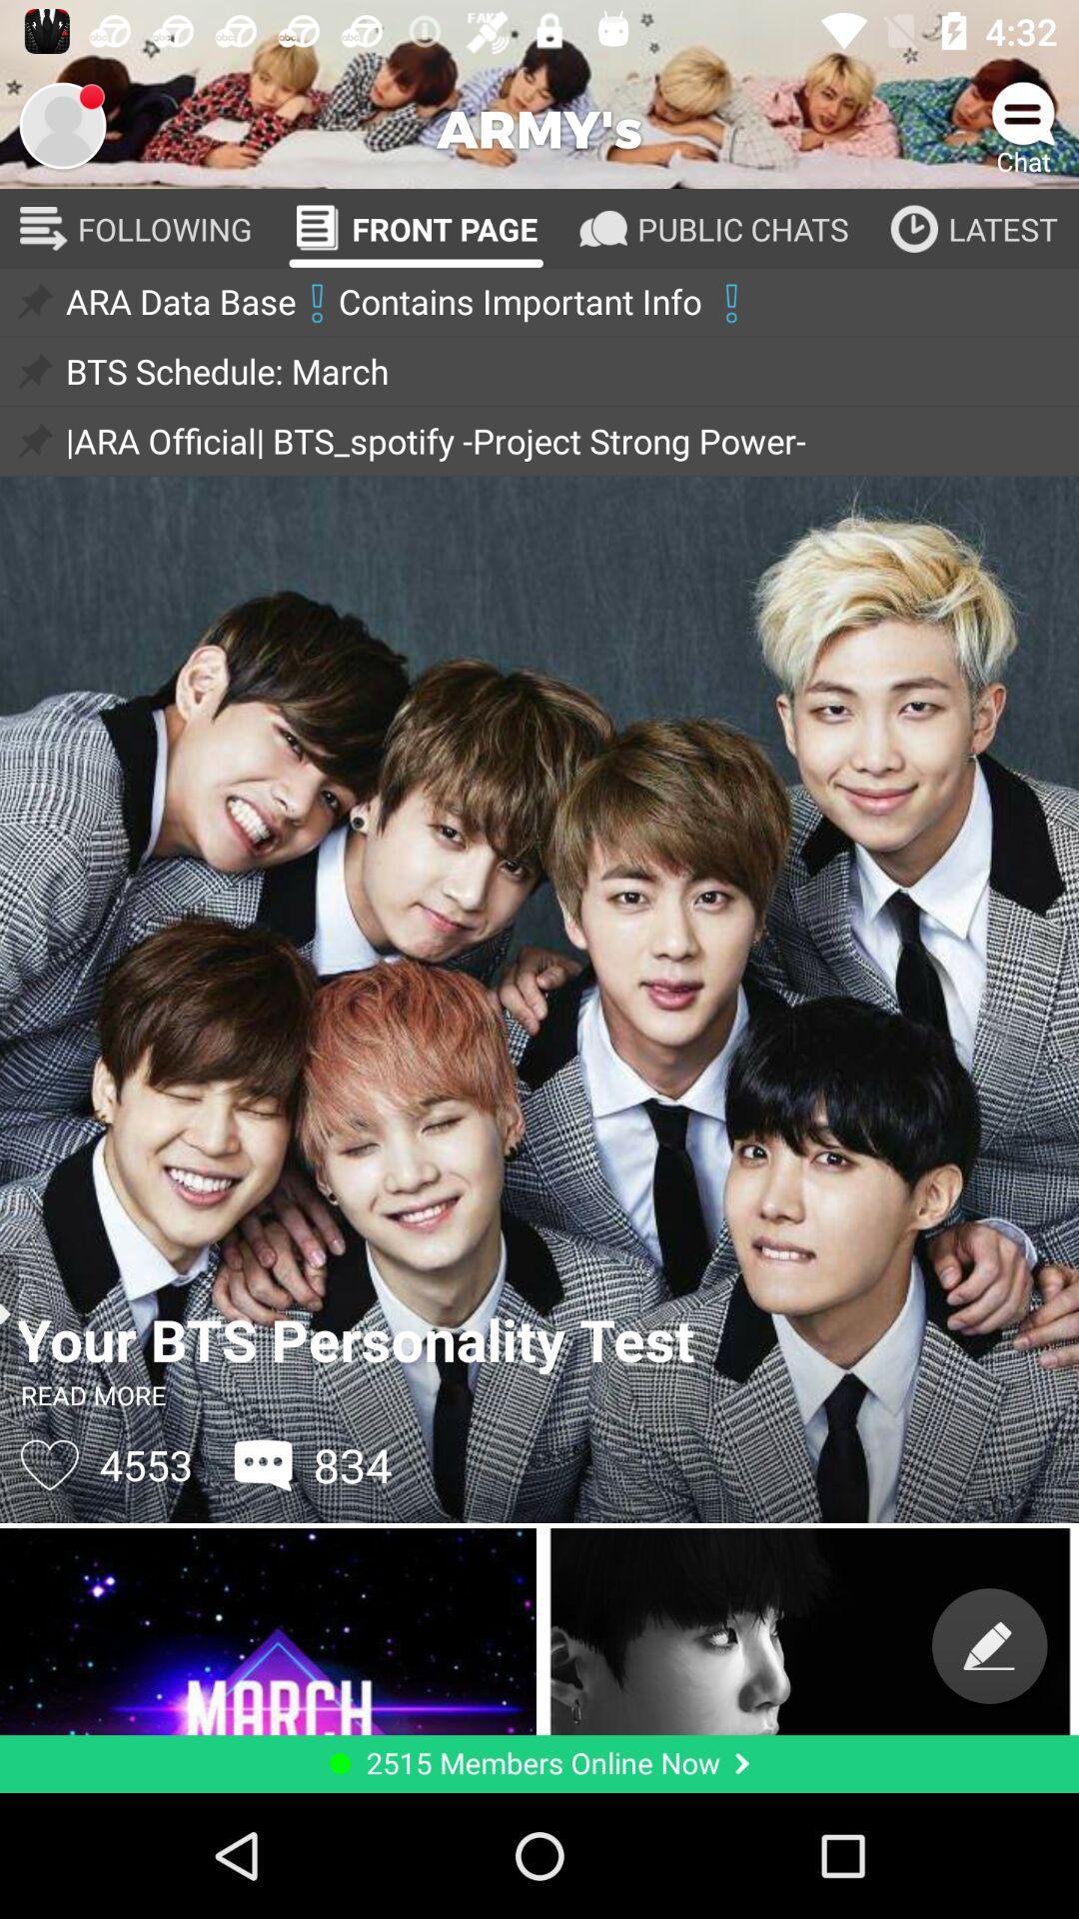 Image resolution: width=1079 pixels, height=1919 pixels. I want to click on pen, so click(989, 1645).